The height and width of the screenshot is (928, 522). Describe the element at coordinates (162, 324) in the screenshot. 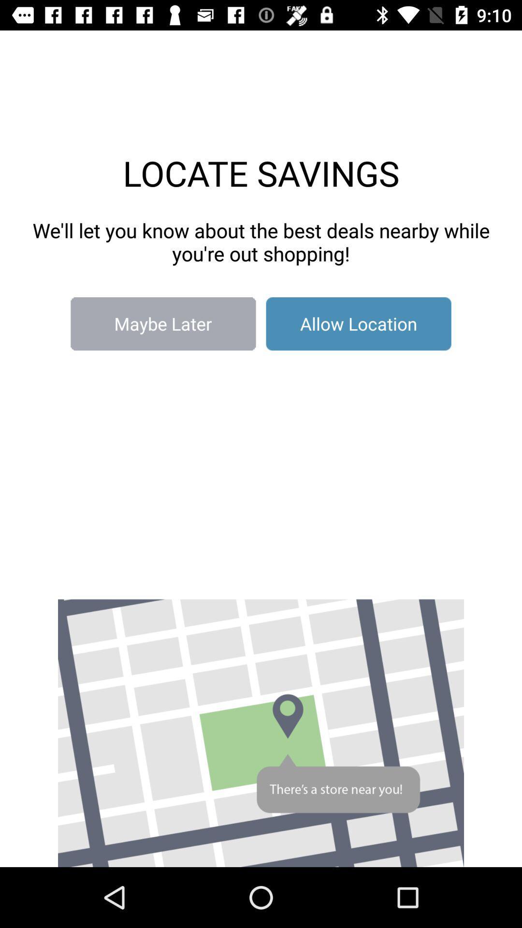

I see `the maybe later app` at that location.